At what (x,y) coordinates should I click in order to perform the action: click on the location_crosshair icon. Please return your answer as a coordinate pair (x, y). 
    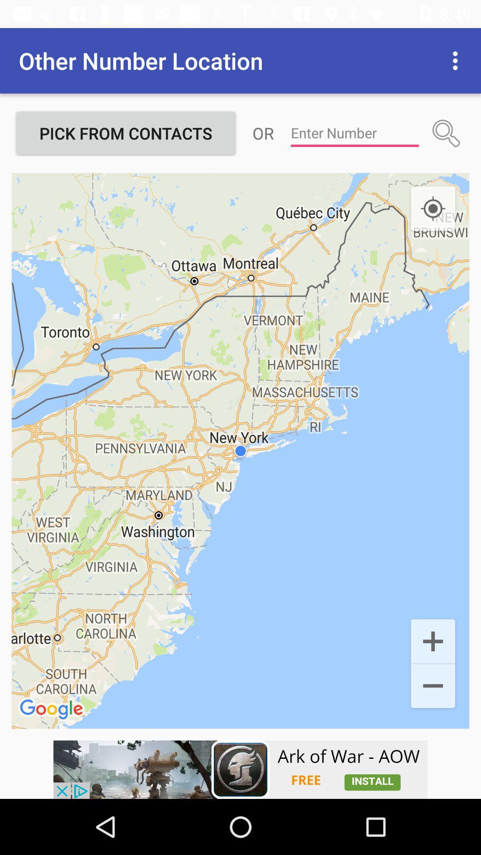
    Looking at the image, I should click on (432, 208).